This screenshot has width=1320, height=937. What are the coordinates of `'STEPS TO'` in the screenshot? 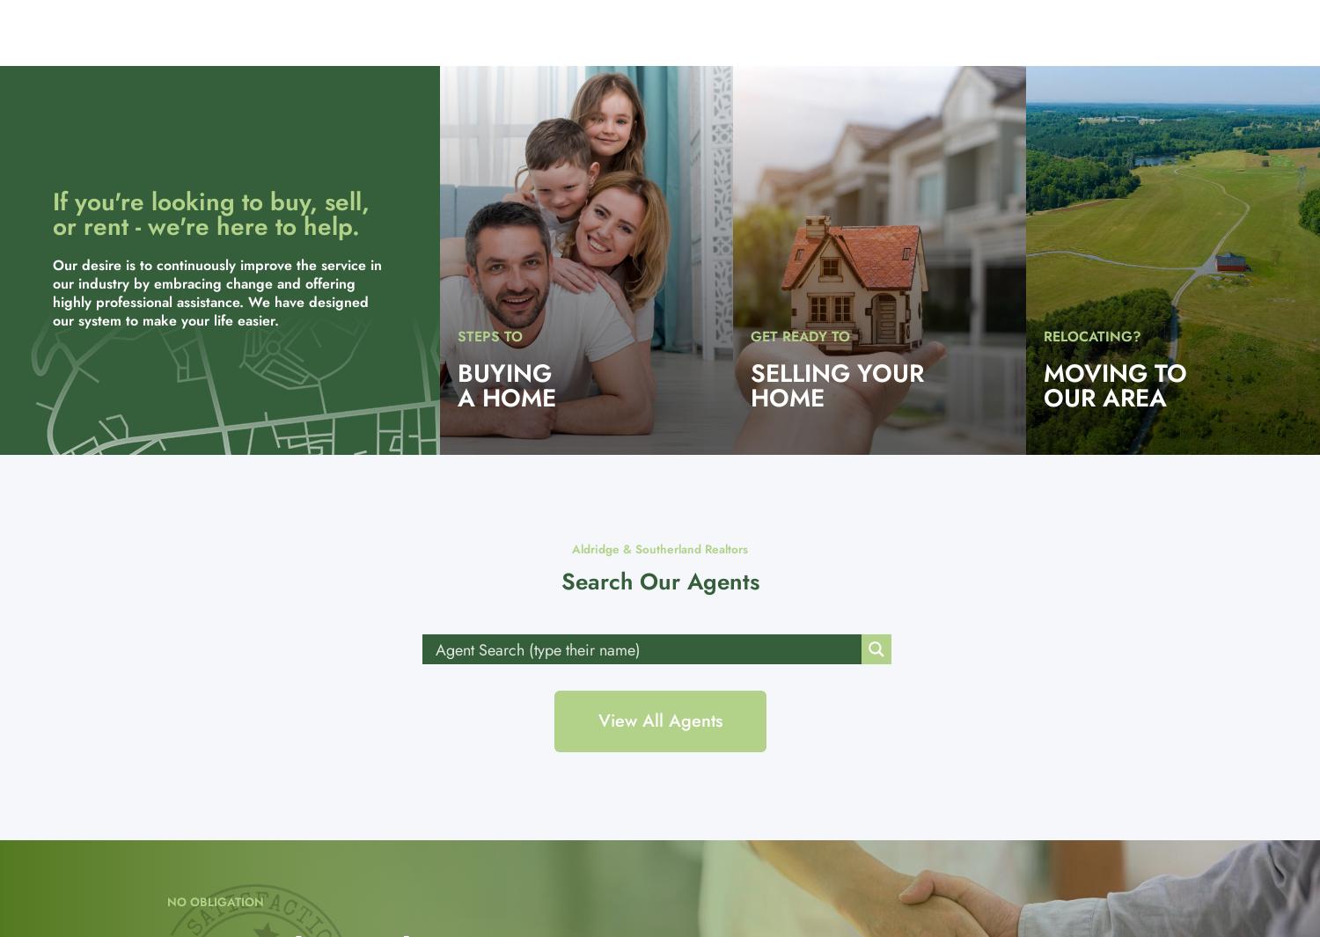 It's located at (489, 335).